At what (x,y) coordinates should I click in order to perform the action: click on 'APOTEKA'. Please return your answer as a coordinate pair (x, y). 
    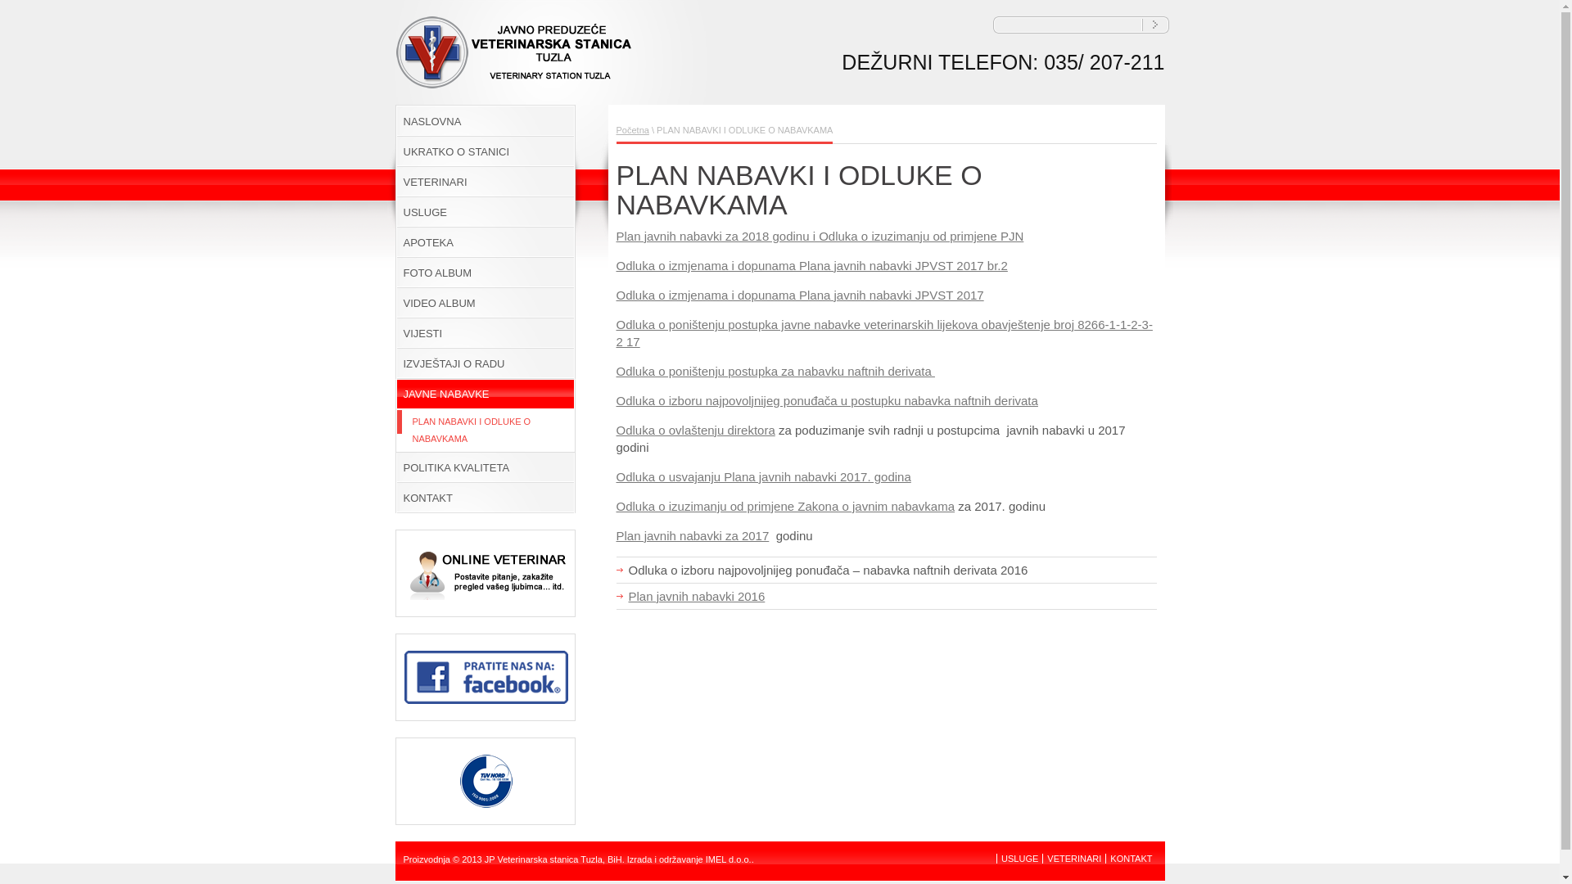
    Looking at the image, I should click on (483, 242).